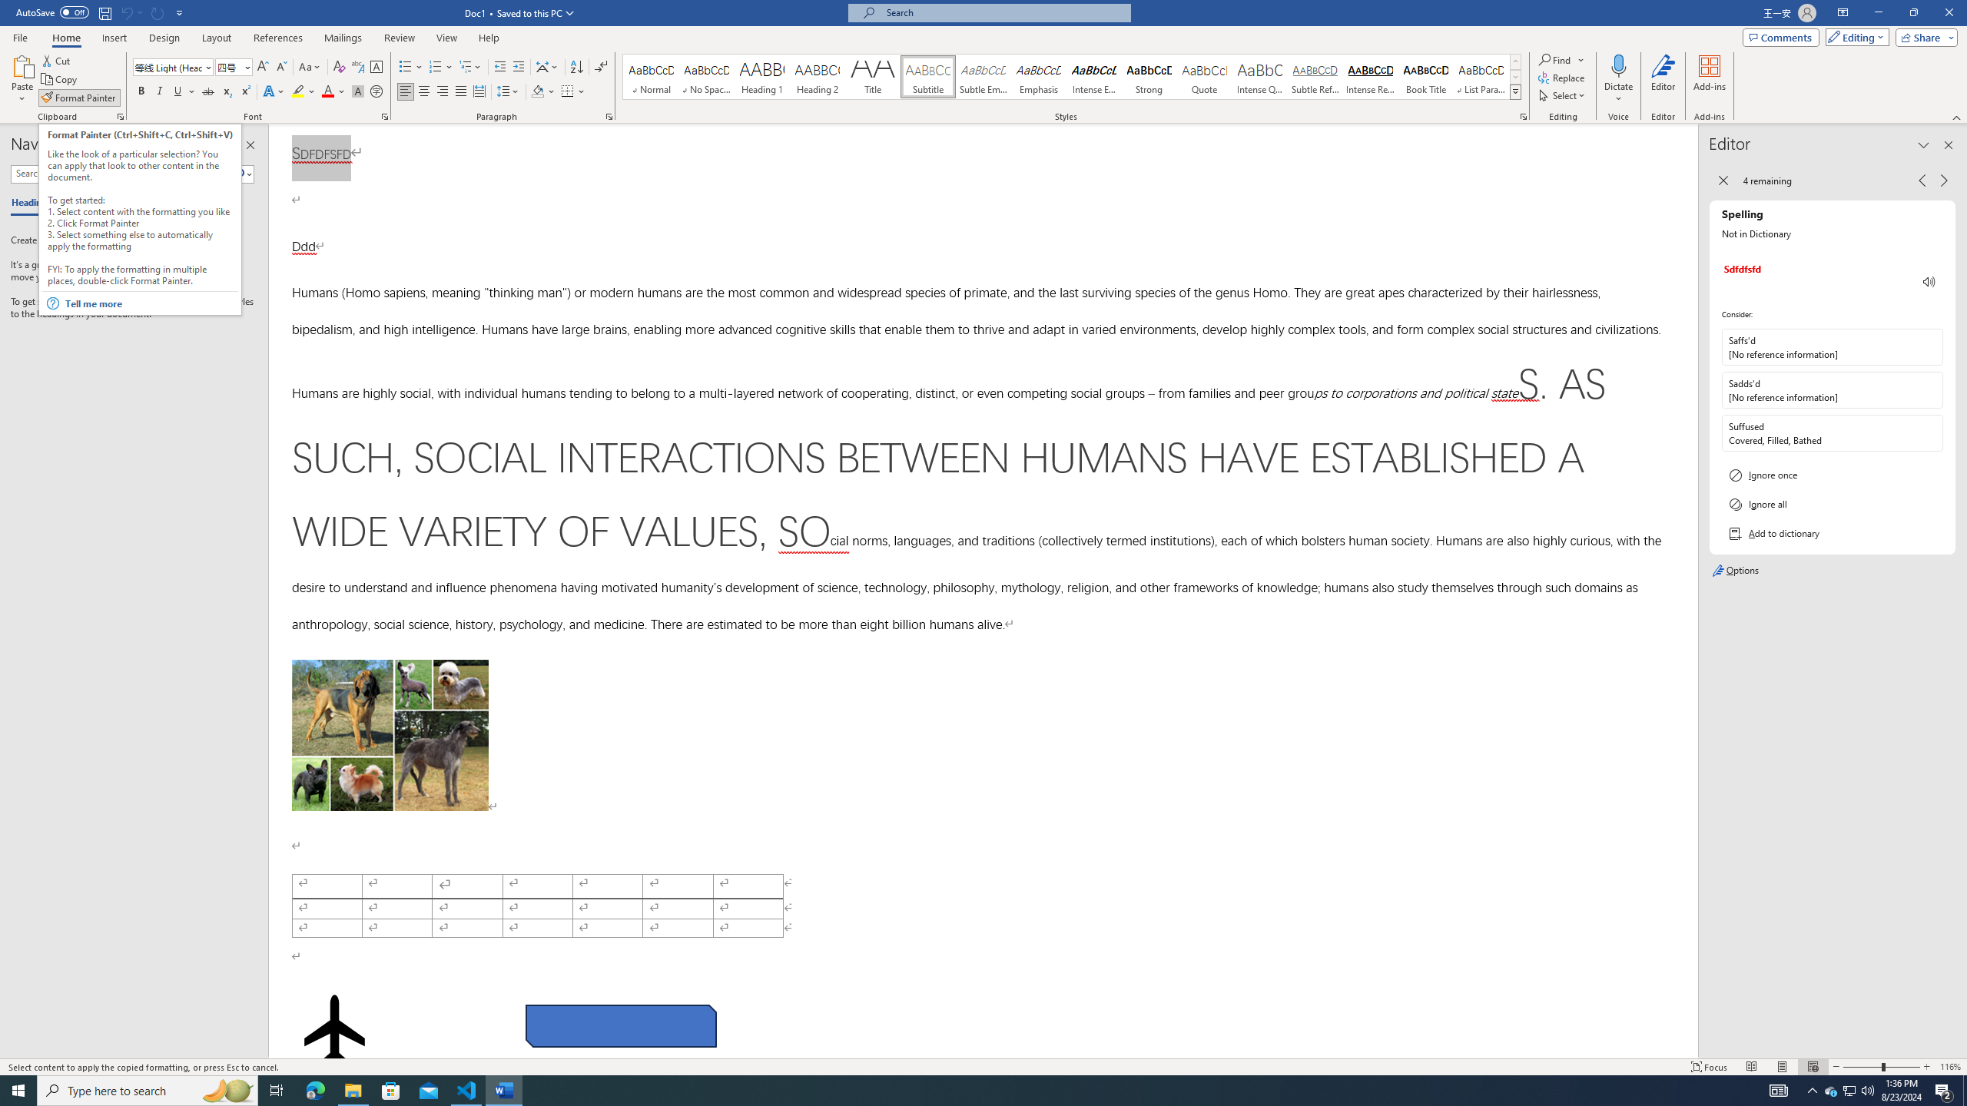 The image size is (1967, 1106). What do you see at coordinates (1813, 1067) in the screenshot?
I see `'Web Layout'` at bounding box center [1813, 1067].